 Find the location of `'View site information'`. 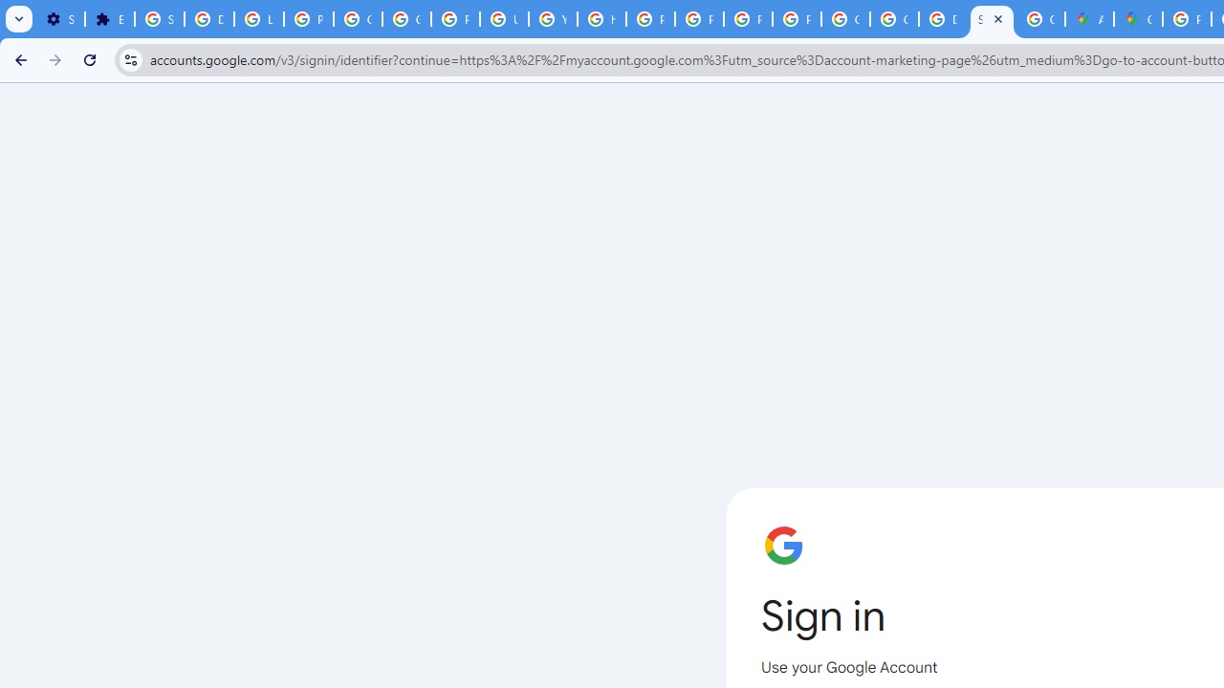

'View site information' is located at coordinates (129, 58).